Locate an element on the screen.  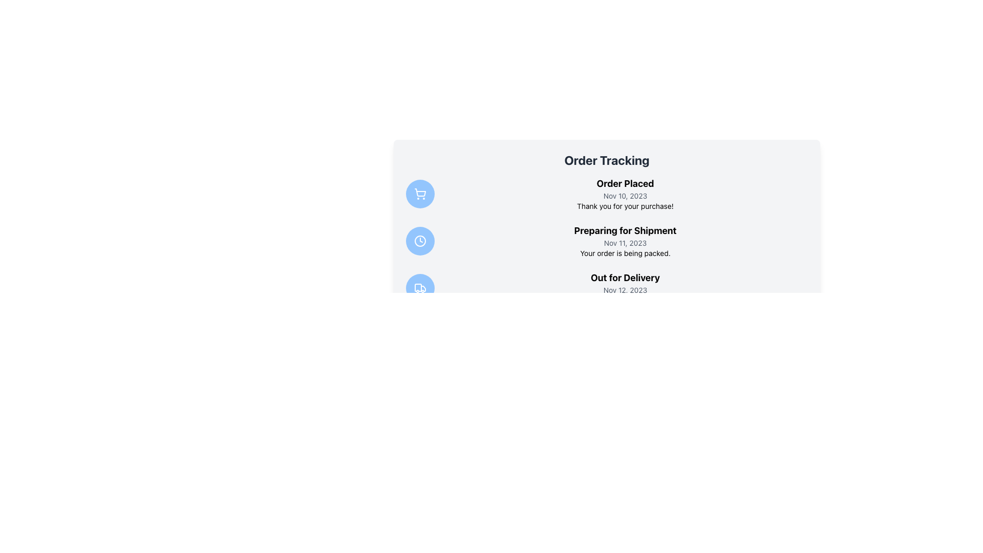
the Text Label displaying the date 'Nov 11, 2023,' which indicates a specific step's timestamp in the order tracking process, positioned below the title 'Preparing for Shipment.' is located at coordinates (625, 243).